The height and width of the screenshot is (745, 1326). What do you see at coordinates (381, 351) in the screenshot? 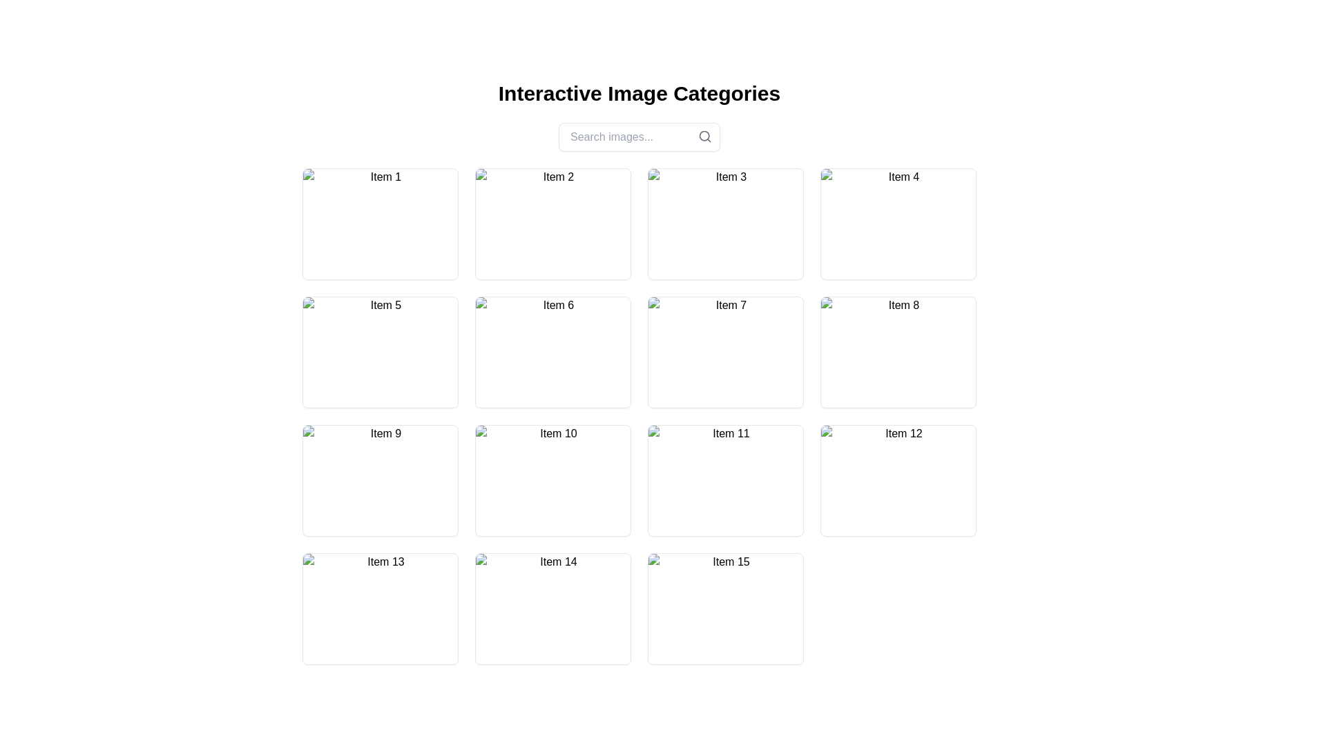
I see `the thumbnail image located in the fifth position of a grid layout, specifically the first placeholder in the second row` at bounding box center [381, 351].